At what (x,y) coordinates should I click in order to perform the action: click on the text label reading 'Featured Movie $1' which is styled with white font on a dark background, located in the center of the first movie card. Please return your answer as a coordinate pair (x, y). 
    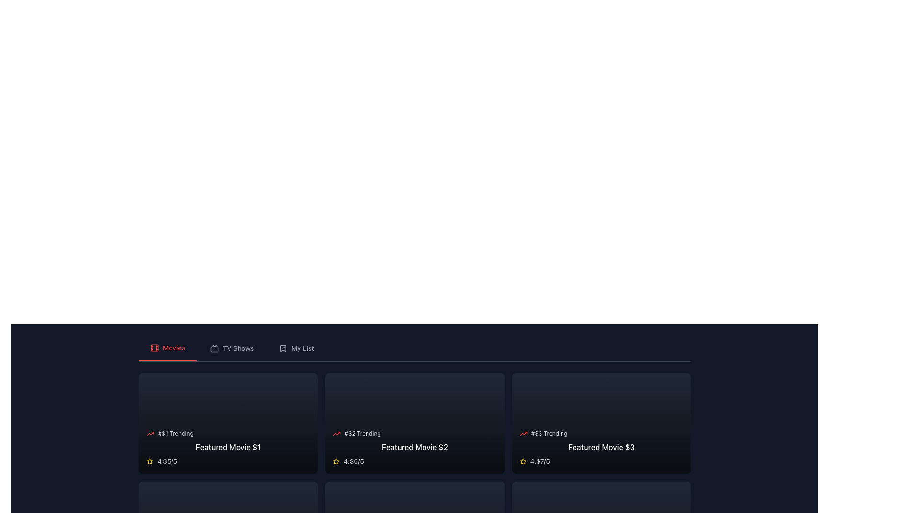
    Looking at the image, I should click on (228, 447).